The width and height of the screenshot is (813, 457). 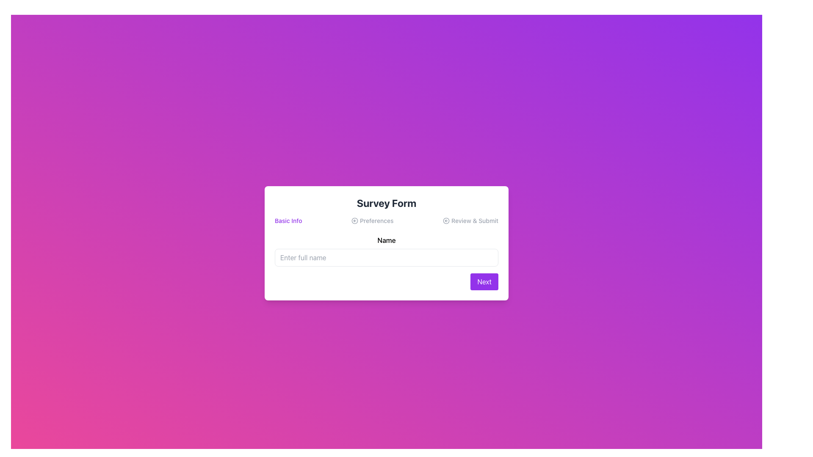 I want to click on the circular arrow icon that is positioned to the left of 'Review & Submit' text in the form header, so click(x=446, y=220).